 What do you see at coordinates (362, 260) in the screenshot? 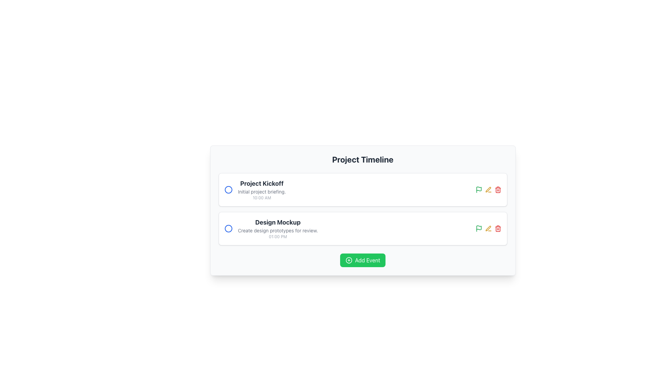
I see `the button located at the bottom of the 'Project Timeline' card` at bounding box center [362, 260].